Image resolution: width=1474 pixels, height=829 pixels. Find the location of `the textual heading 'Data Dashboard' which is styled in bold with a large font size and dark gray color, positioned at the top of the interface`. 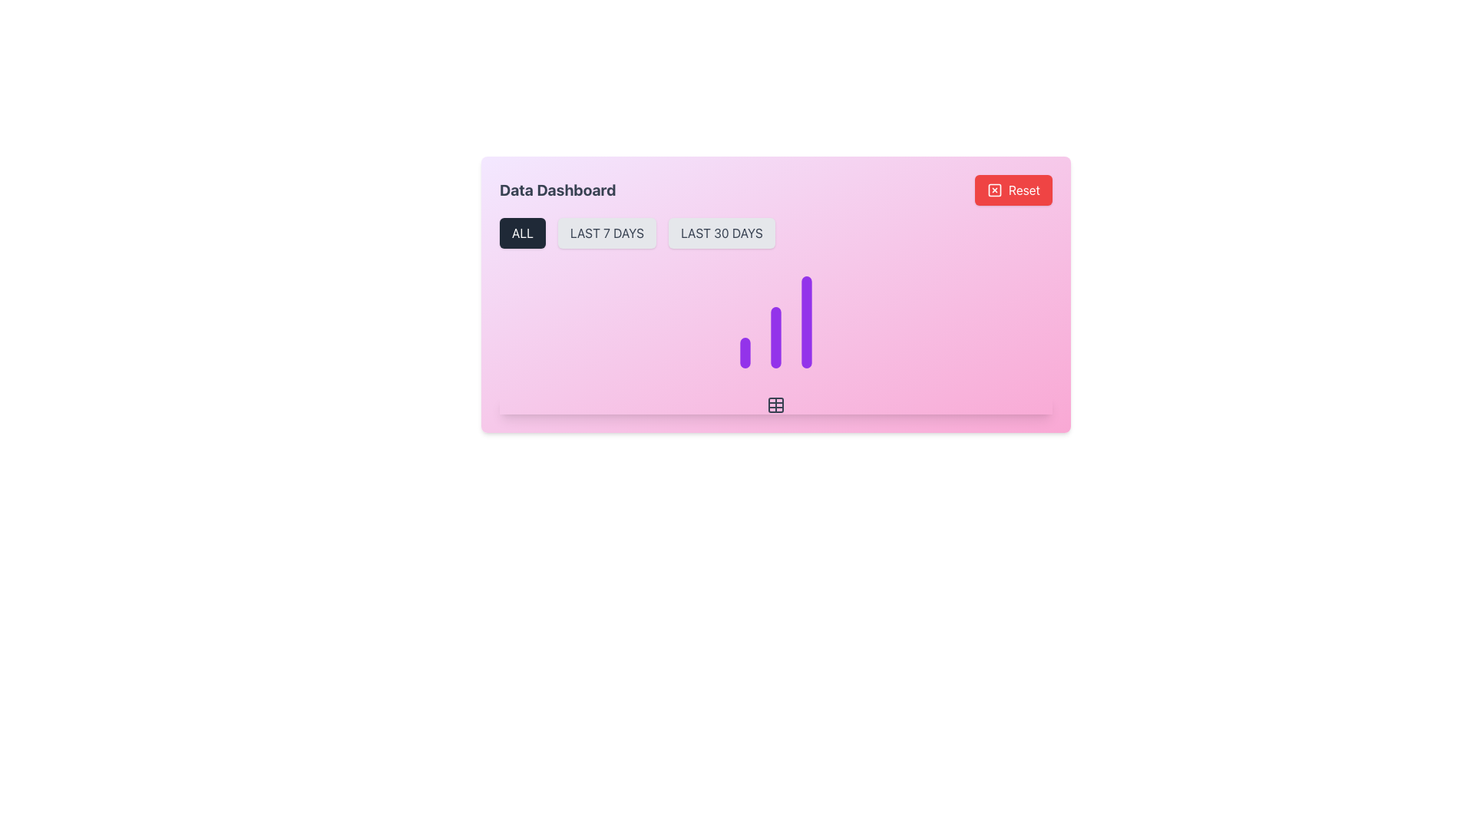

the textual heading 'Data Dashboard' which is styled in bold with a large font size and dark gray color, positioned at the top of the interface is located at coordinates (557, 189).